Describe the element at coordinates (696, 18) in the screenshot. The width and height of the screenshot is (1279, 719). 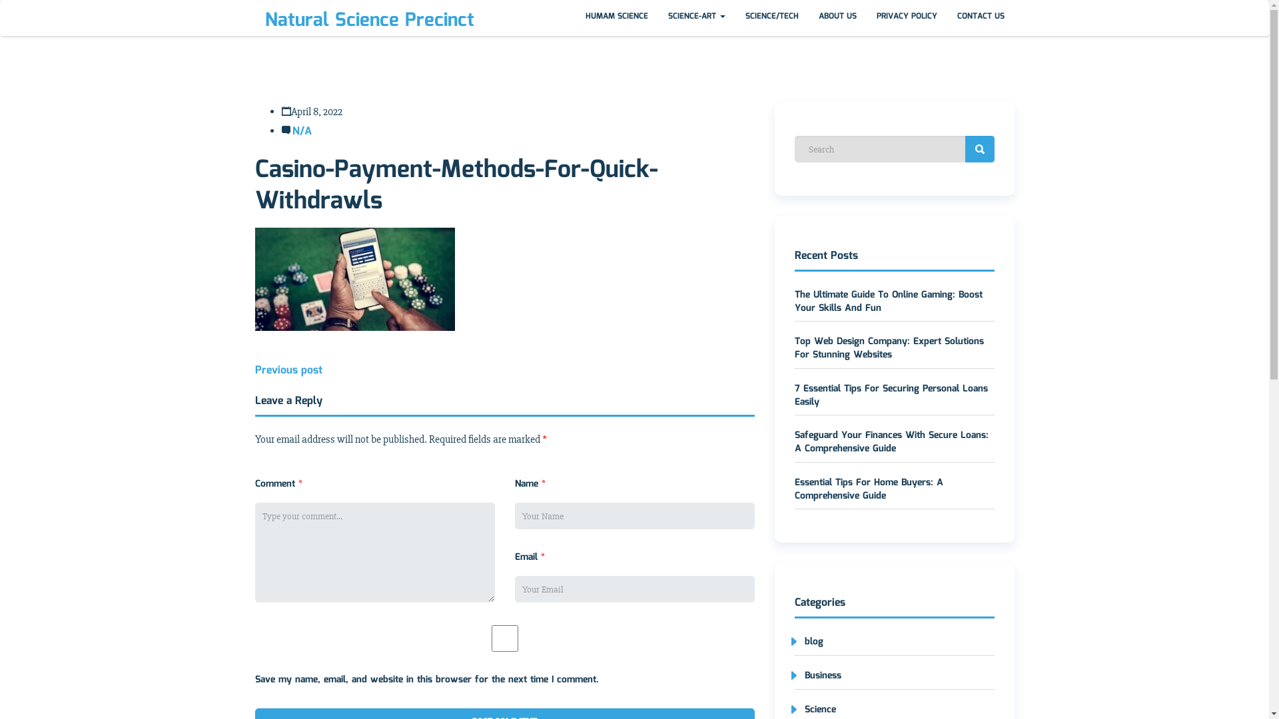
I see `'SCIENCE-ART'` at that location.